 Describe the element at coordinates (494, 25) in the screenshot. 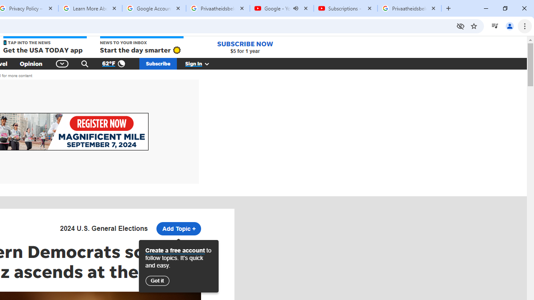

I see `'Control your music, videos, and more'` at that location.